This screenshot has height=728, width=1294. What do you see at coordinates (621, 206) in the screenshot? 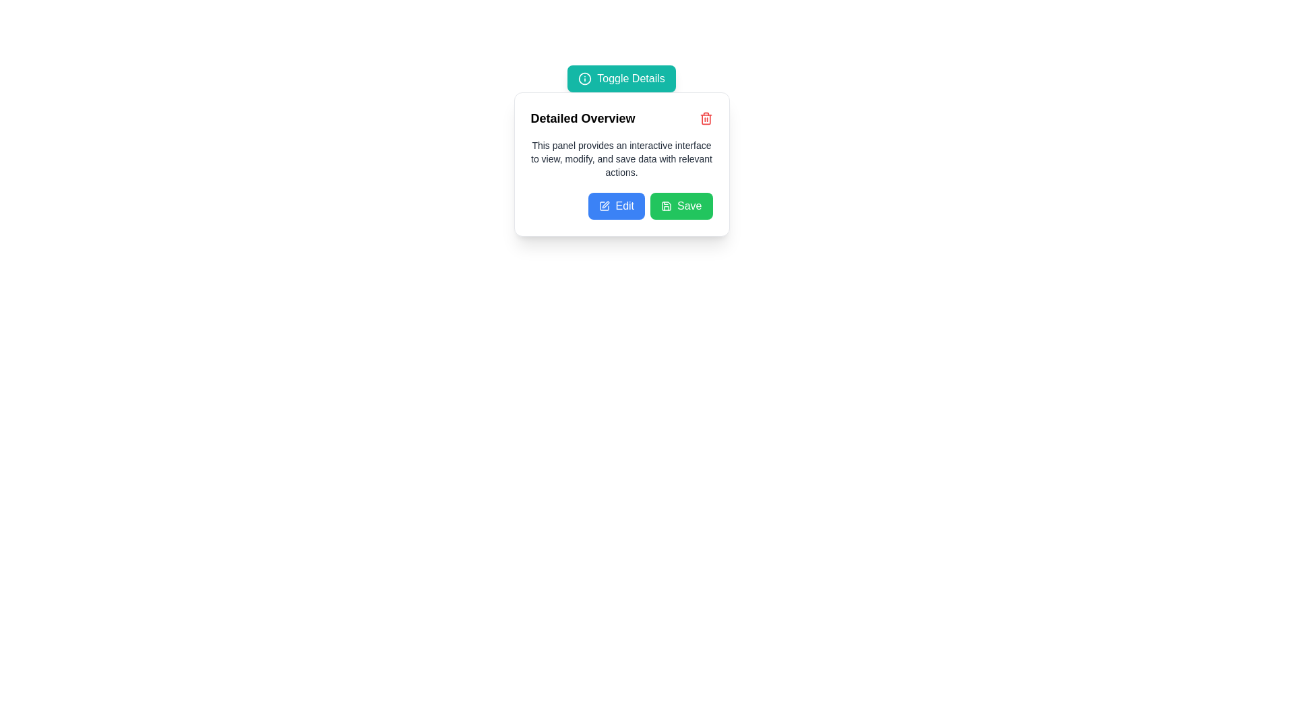
I see `the 'Edit' button located in the bottom right corner of the 'Detailed Overview' panel to enter edit mode` at bounding box center [621, 206].